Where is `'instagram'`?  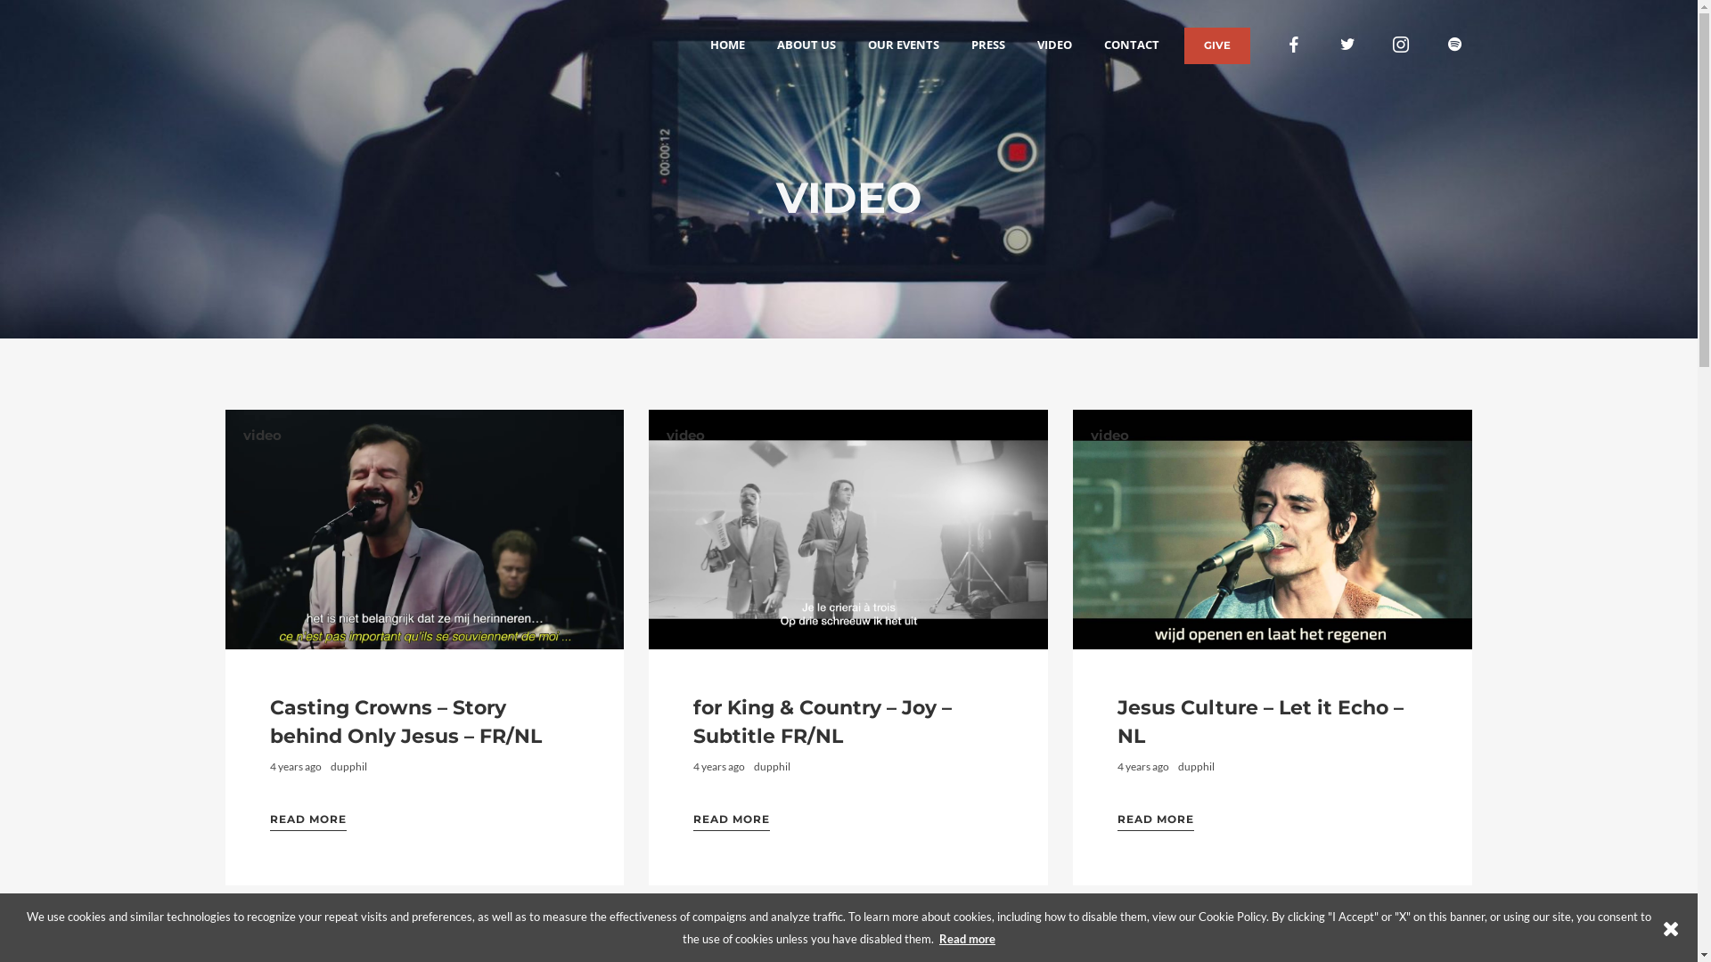 'instagram' is located at coordinates (1385, 44).